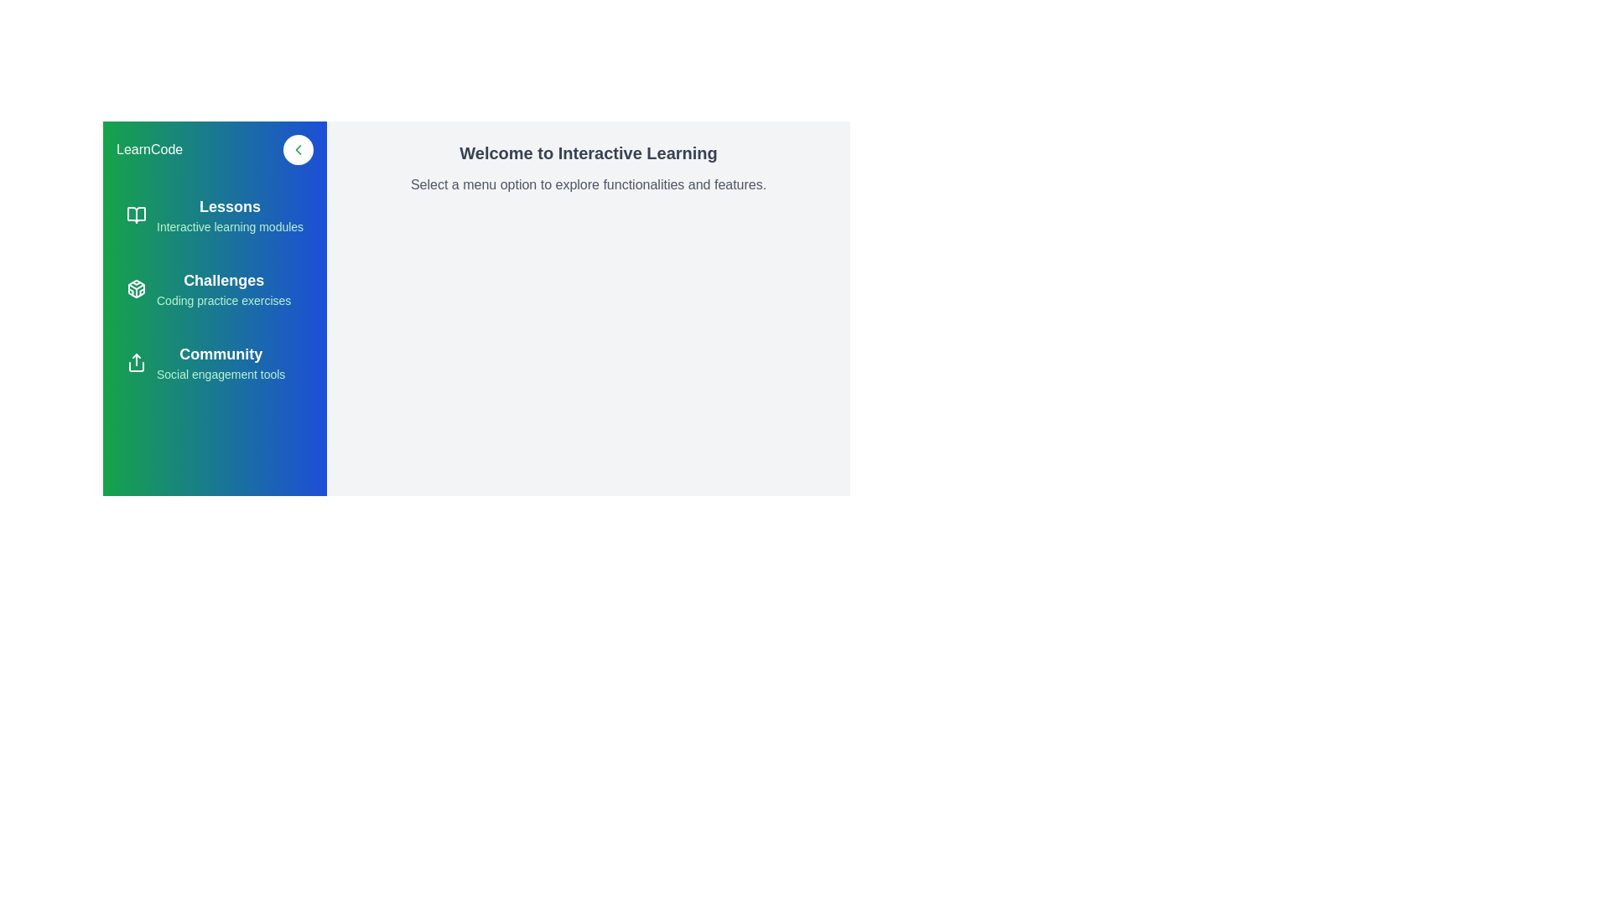  Describe the element at coordinates (214, 361) in the screenshot. I see `the Community section to explore its functionalities` at that location.